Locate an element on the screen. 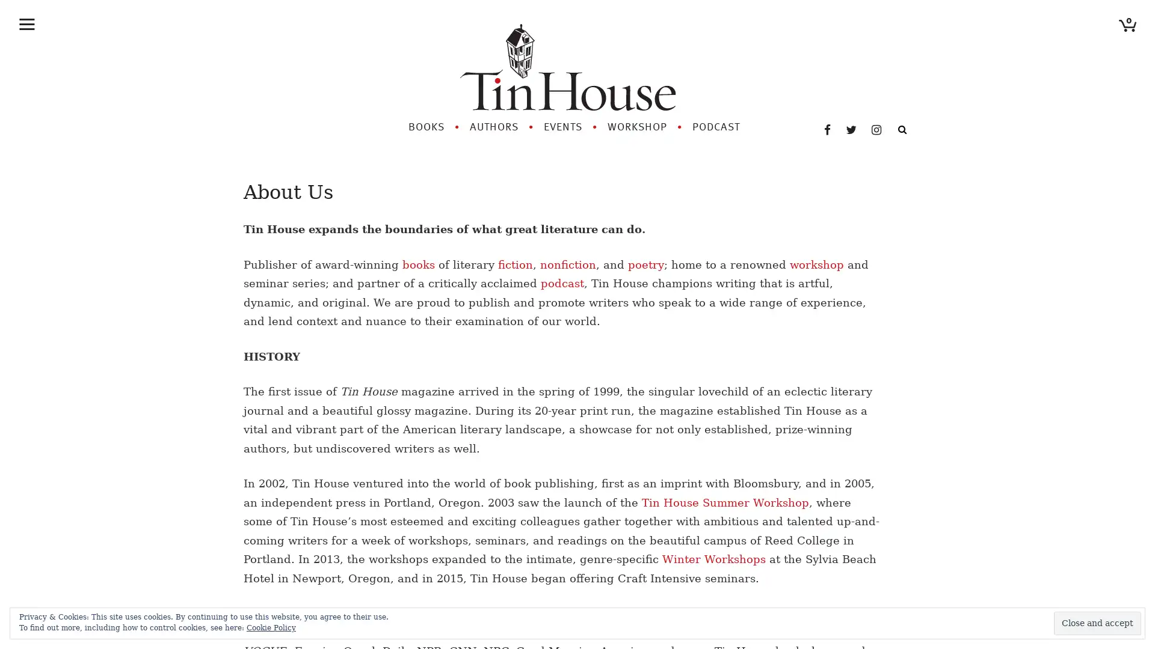  Close and accept is located at coordinates (1097, 623).